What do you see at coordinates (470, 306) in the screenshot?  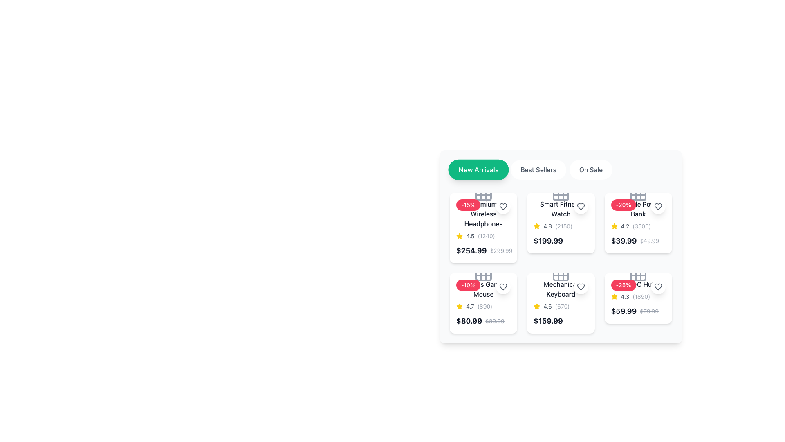 I see `the text element displaying '4.7' in gray color, located in the rating section of the second card in the second row of the product grid` at bounding box center [470, 306].